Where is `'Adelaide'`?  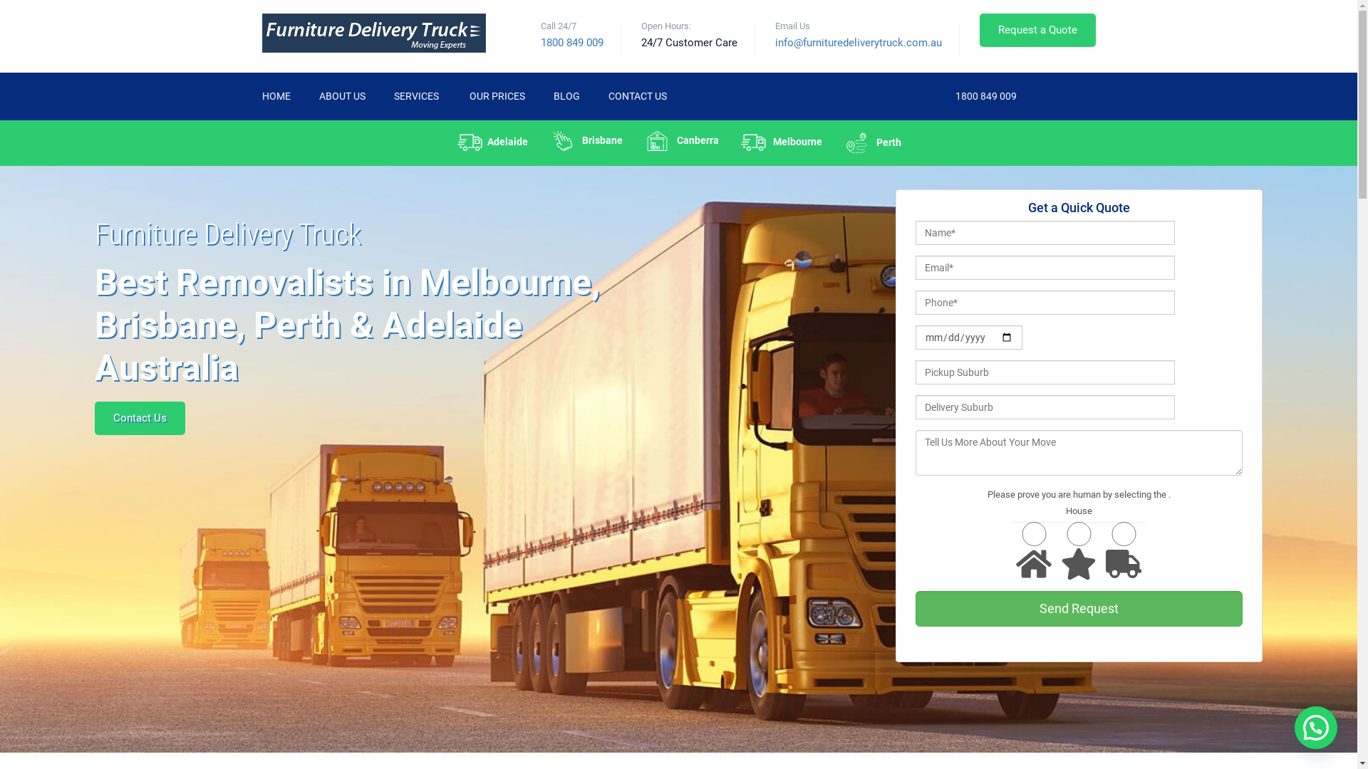
'Adelaide' is located at coordinates (492, 142).